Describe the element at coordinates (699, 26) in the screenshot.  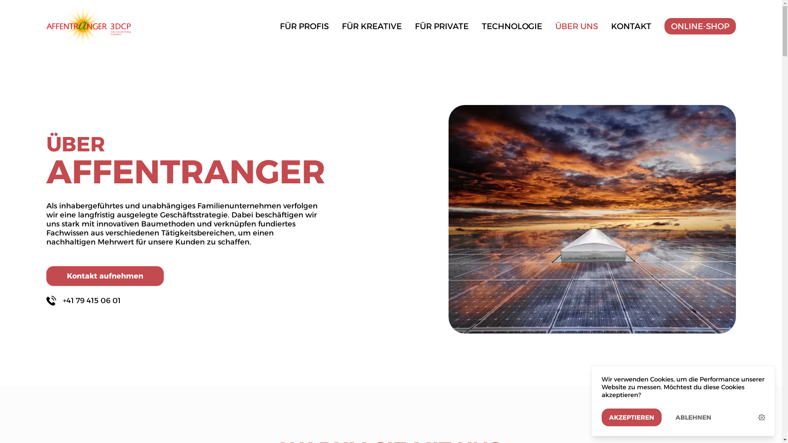
I see `'ONLINE-SHOP'` at that location.